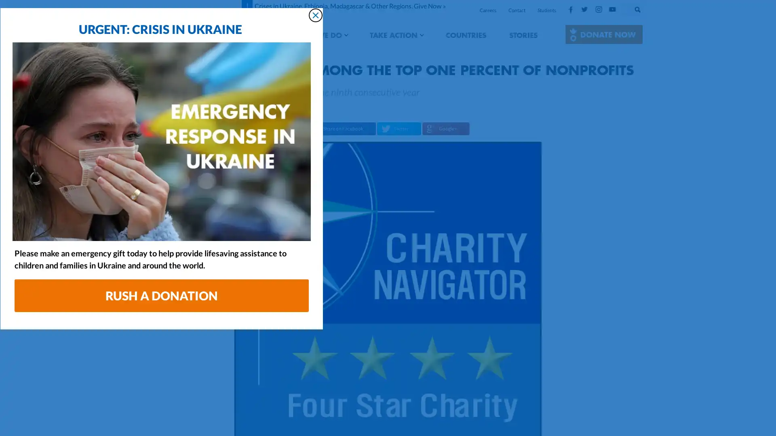 This screenshot has width=776, height=436. I want to click on Search, so click(645, 8).